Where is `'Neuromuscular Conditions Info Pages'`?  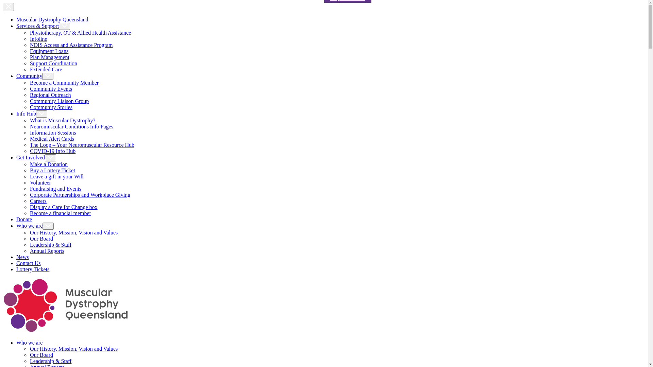 'Neuromuscular Conditions Info Pages' is located at coordinates (71, 126).